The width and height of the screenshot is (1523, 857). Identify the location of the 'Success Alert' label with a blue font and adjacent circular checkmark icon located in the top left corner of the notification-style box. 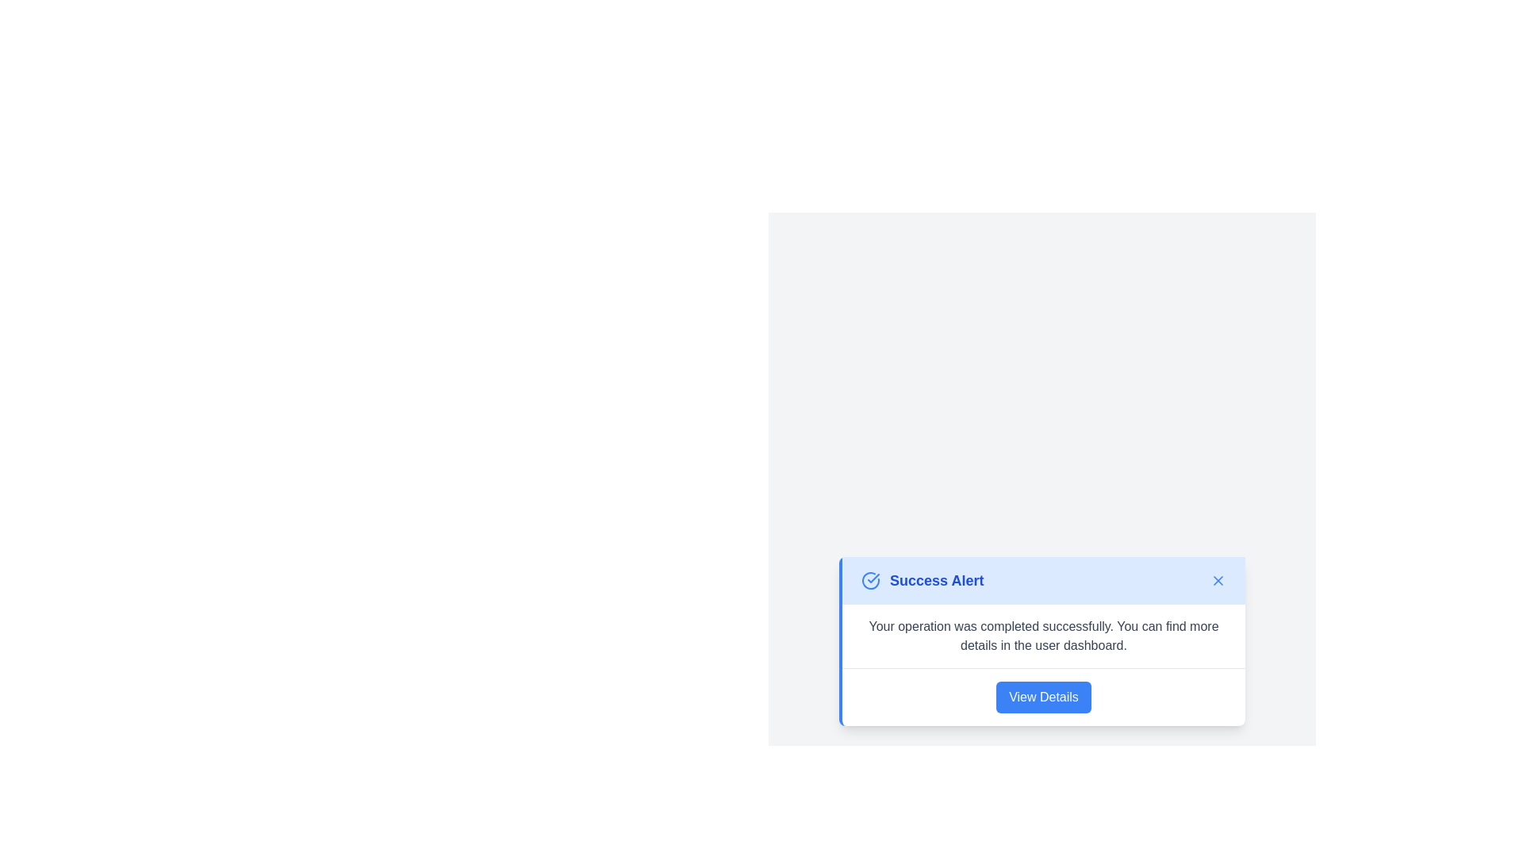
(923, 580).